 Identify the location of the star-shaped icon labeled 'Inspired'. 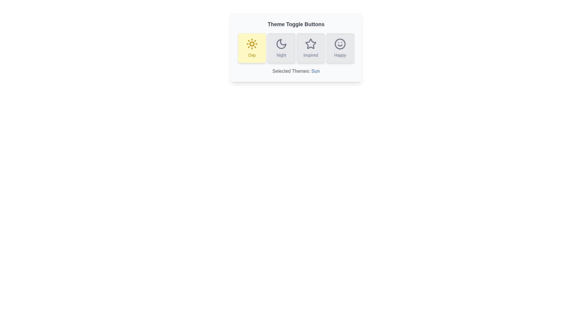
(310, 43).